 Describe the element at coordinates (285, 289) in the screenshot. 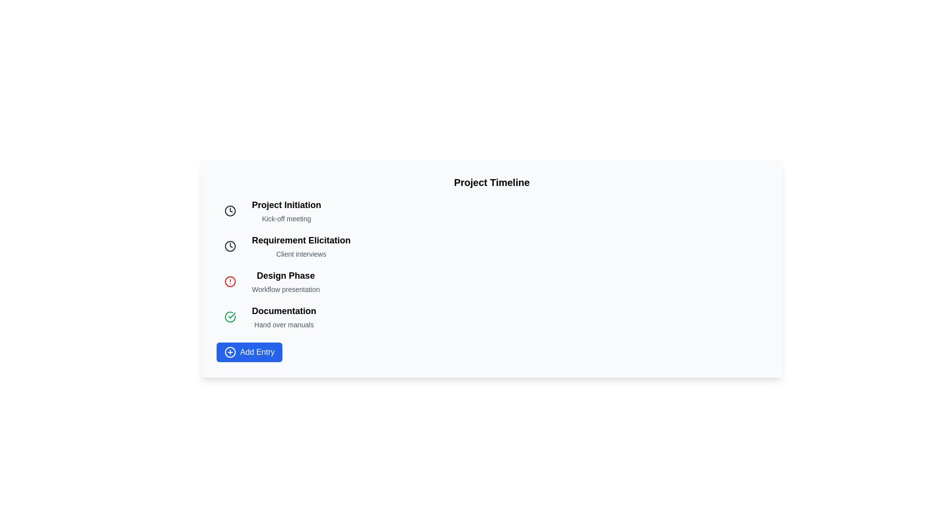

I see `the text label displaying 'Workflow presentation' located underneath the 'Design Phase' header in the timeline section` at that location.